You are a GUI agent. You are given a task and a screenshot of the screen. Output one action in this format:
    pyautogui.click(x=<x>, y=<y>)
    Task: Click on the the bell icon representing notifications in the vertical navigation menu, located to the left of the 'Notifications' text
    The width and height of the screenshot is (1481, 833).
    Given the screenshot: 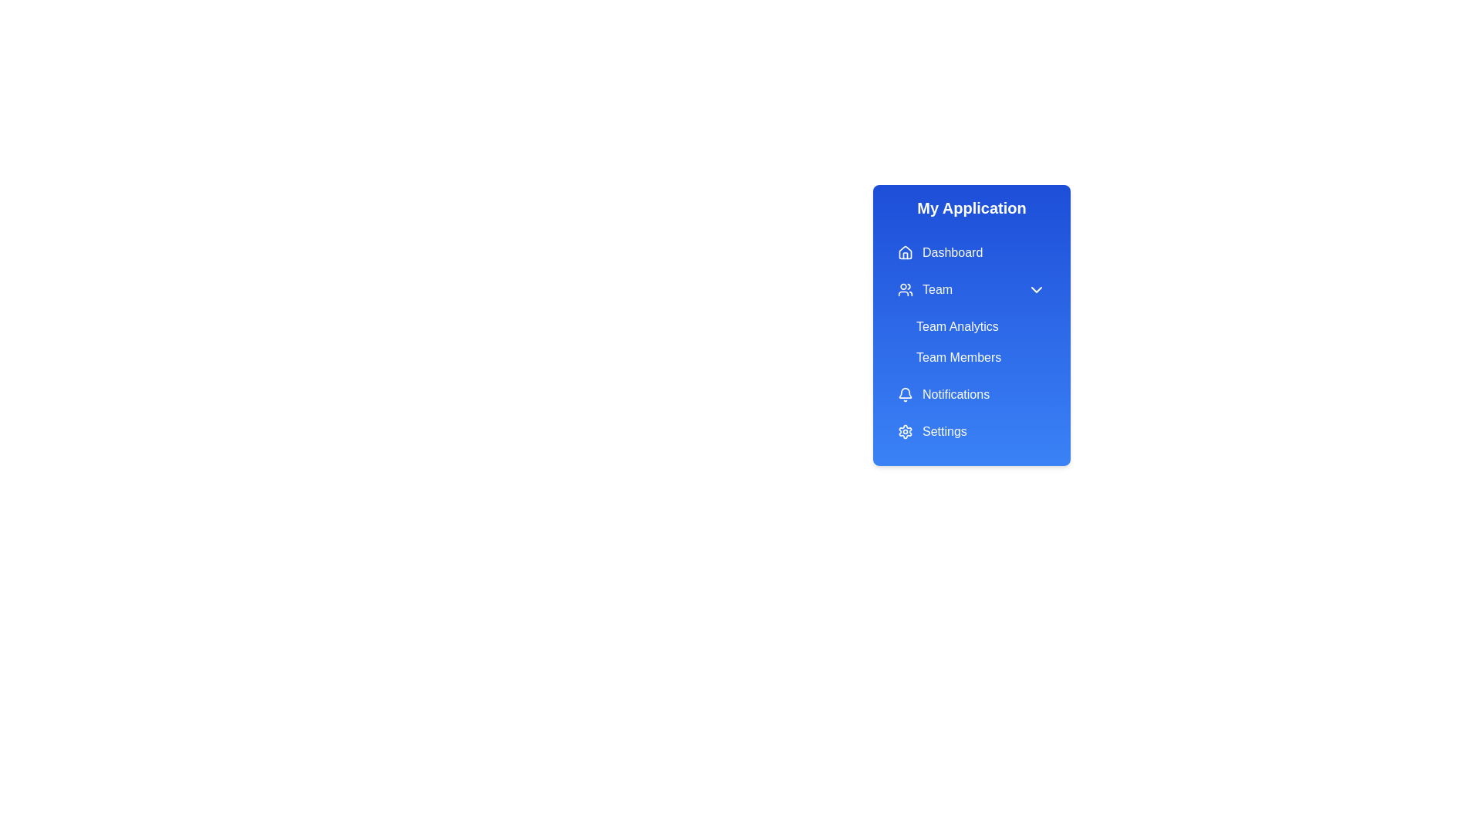 What is the action you would take?
    pyautogui.click(x=906, y=392)
    